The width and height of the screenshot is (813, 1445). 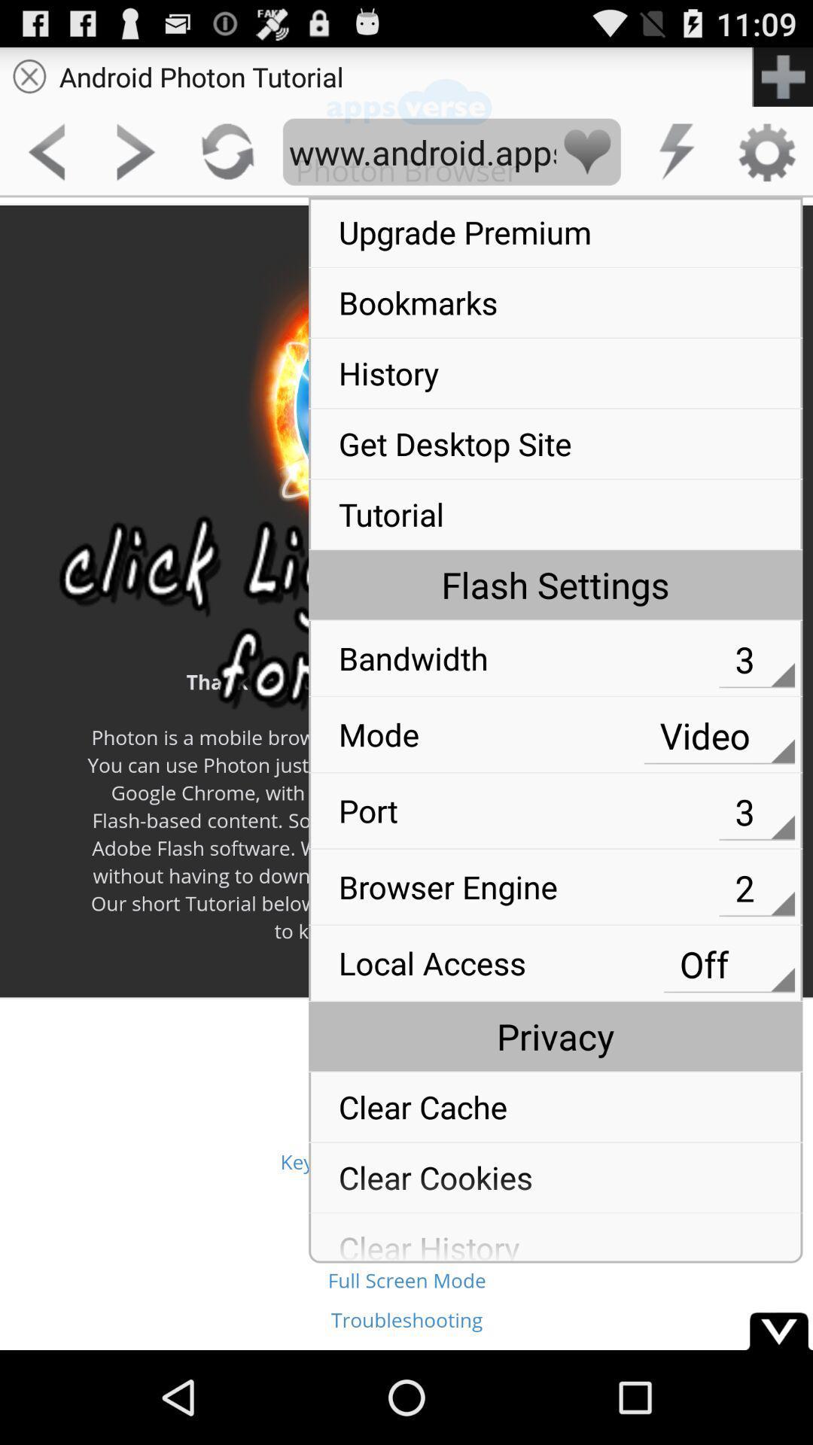 What do you see at coordinates (782, 81) in the screenshot?
I see `the add icon` at bounding box center [782, 81].